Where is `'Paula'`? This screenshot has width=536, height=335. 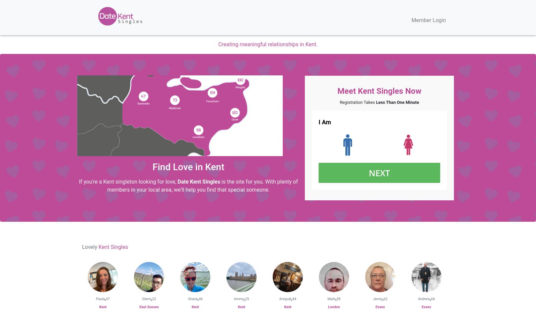
'Paula' is located at coordinates (100, 299).